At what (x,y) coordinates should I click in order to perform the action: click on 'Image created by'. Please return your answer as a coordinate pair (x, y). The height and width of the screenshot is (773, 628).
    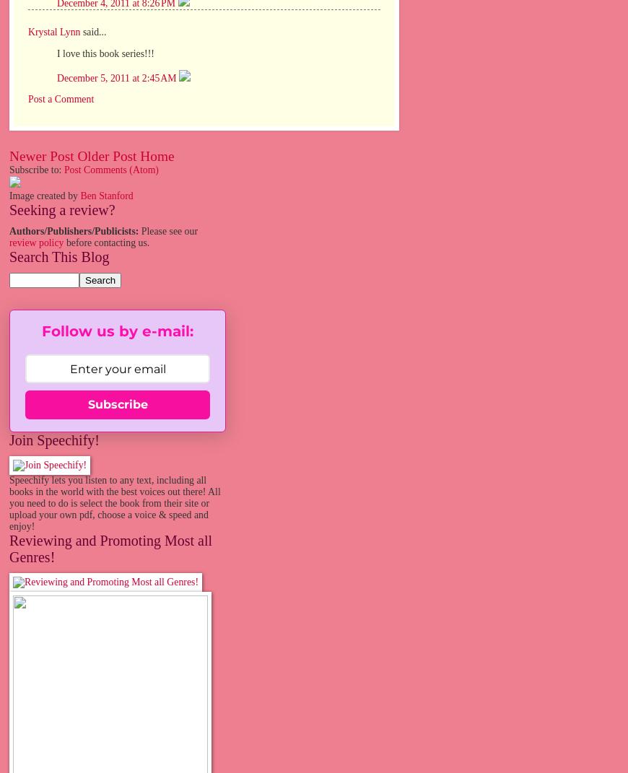
    Looking at the image, I should click on (8, 196).